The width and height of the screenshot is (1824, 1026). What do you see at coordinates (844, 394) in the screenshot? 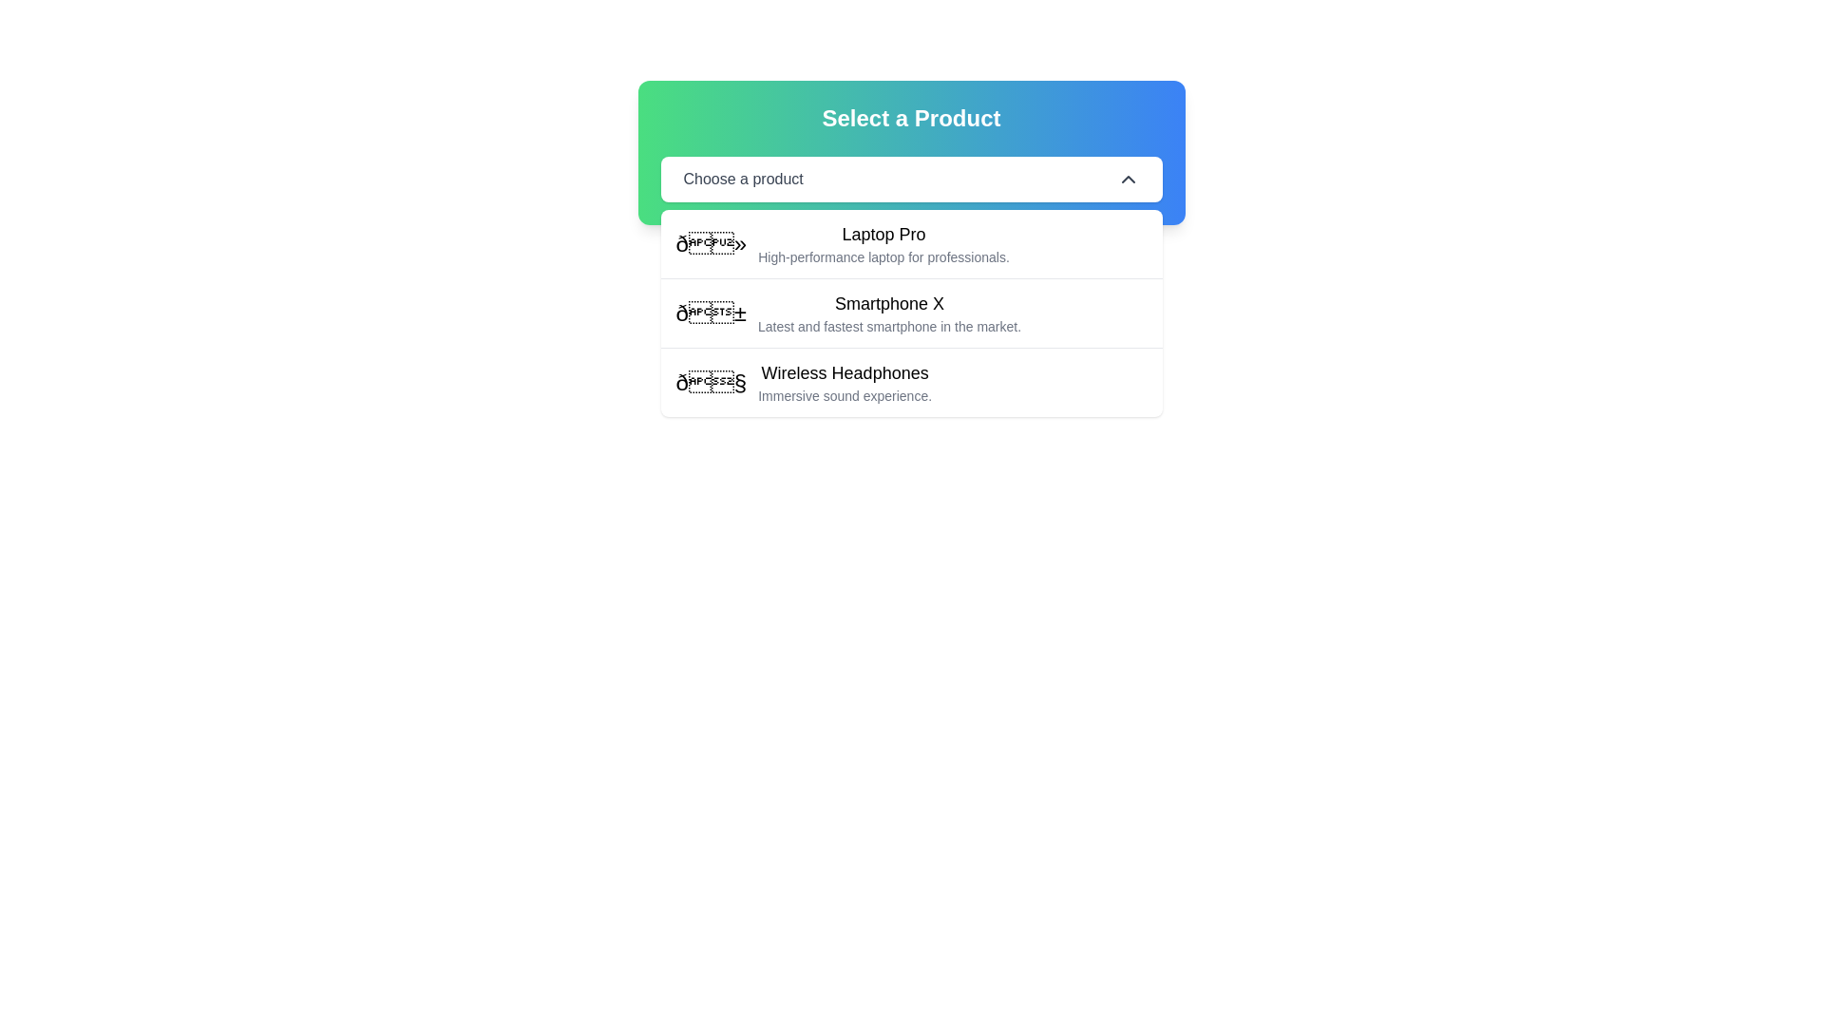
I see `the descriptive text label located directly below the 'Wireless Headphones' in the dropdown menu` at bounding box center [844, 394].